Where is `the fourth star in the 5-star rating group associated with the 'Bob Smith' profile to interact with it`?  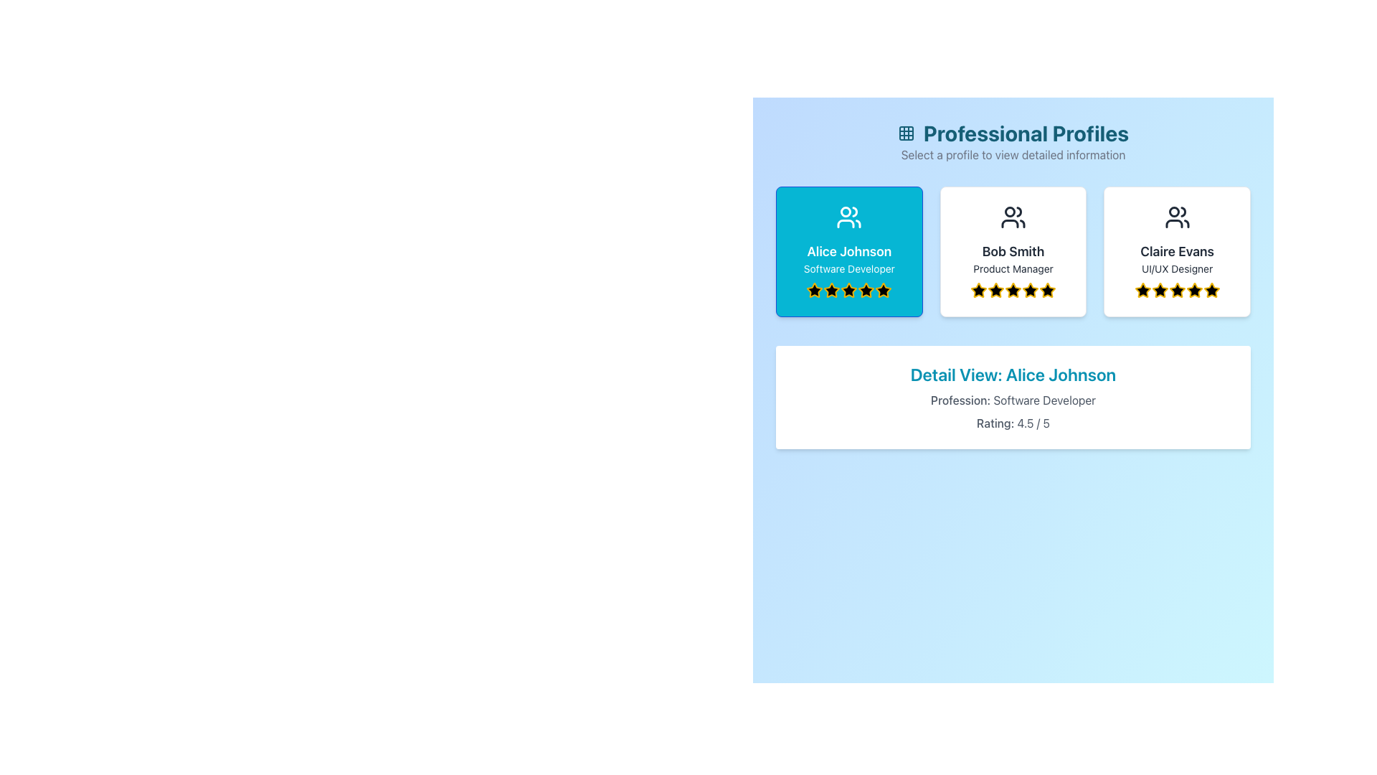
the fourth star in the 5-star rating group associated with the 'Bob Smith' profile to interact with it is located at coordinates (995, 290).